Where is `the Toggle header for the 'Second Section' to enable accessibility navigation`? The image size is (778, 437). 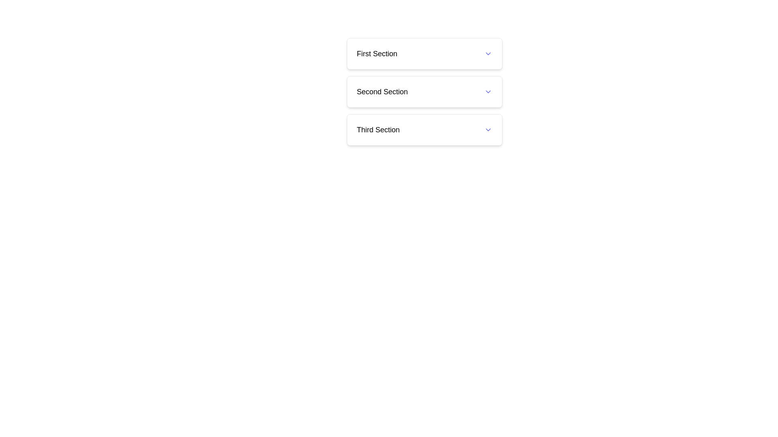 the Toggle header for the 'Second Section' to enable accessibility navigation is located at coordinates (424, 91).